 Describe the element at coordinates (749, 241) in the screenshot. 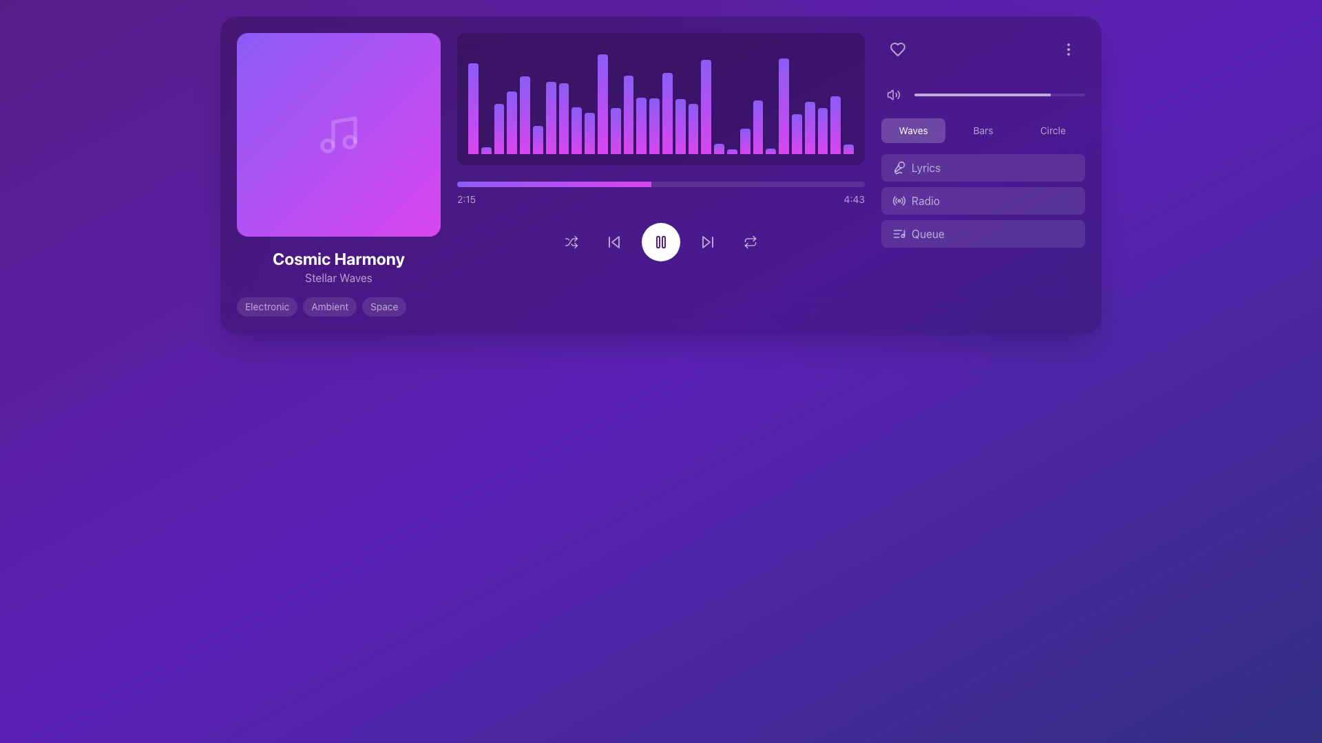

I see `the circular button with a loop icon` at that location.